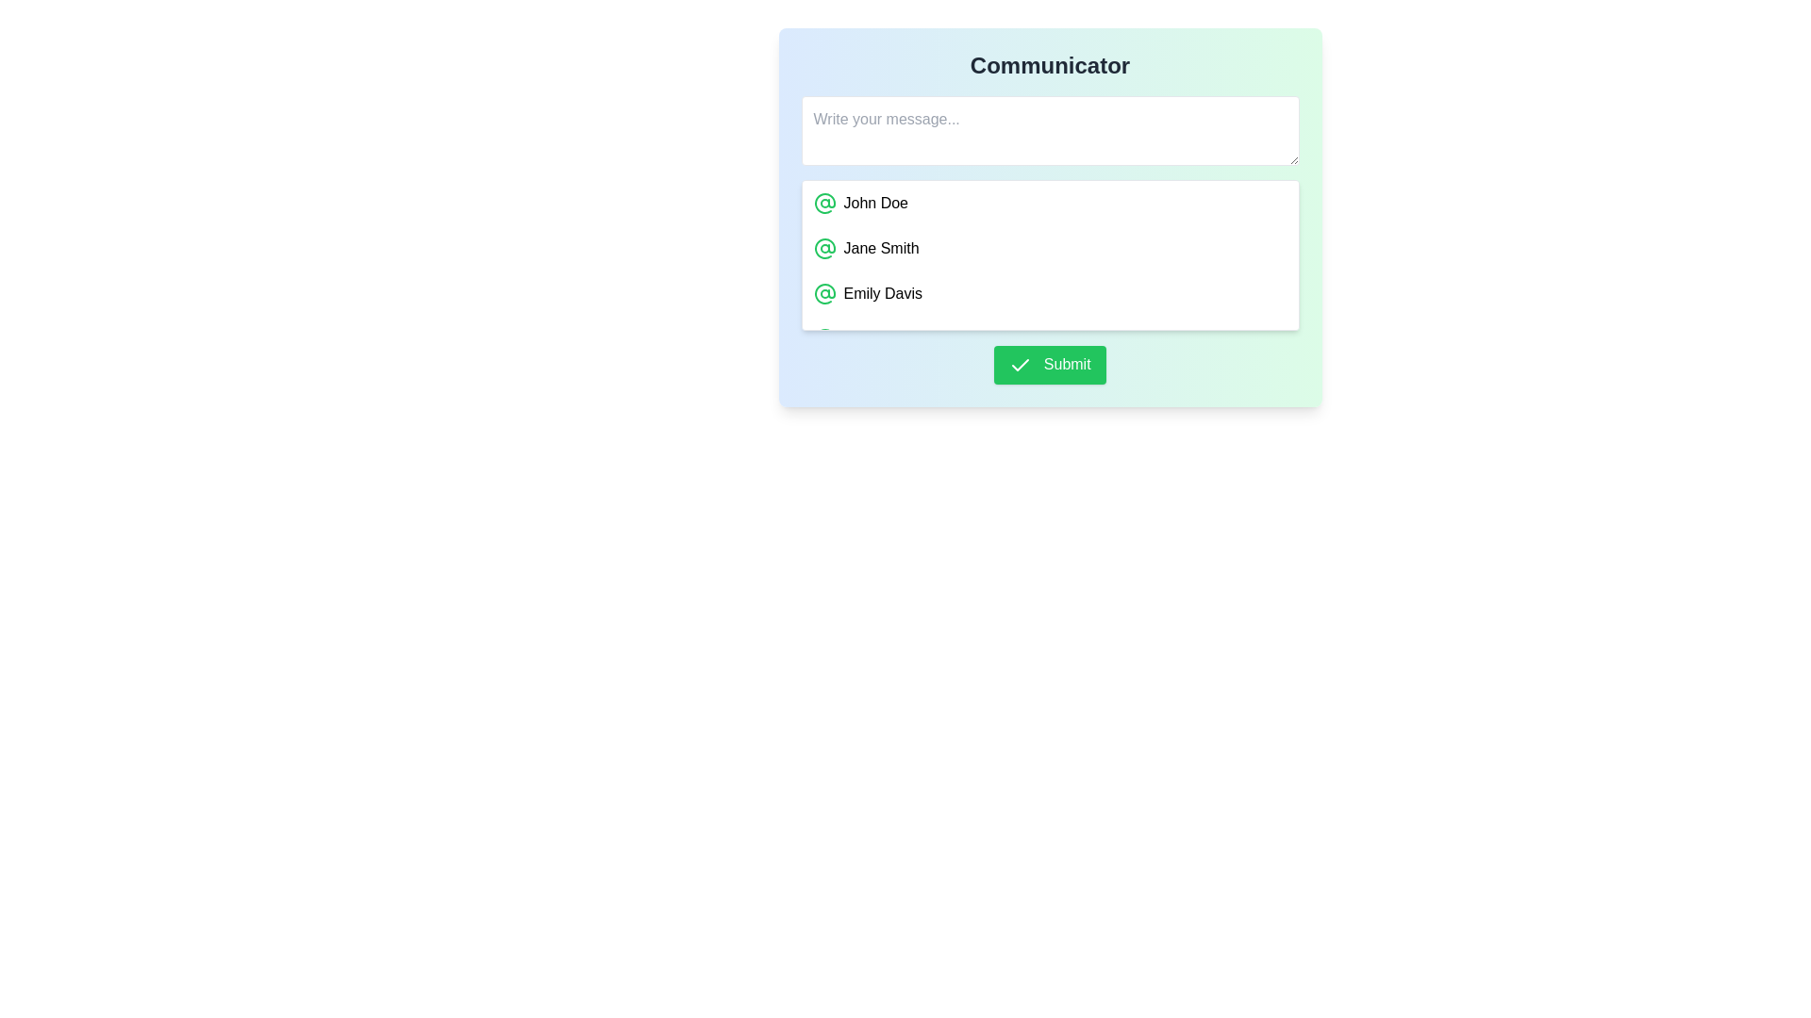 The height and width of the screenshot is (1018, 1811). What do you see at coordinates (1049, 247) in the screenshot?
I see `the selectable list item for 'Jane Smith'` at bounding box center [1049, 247].